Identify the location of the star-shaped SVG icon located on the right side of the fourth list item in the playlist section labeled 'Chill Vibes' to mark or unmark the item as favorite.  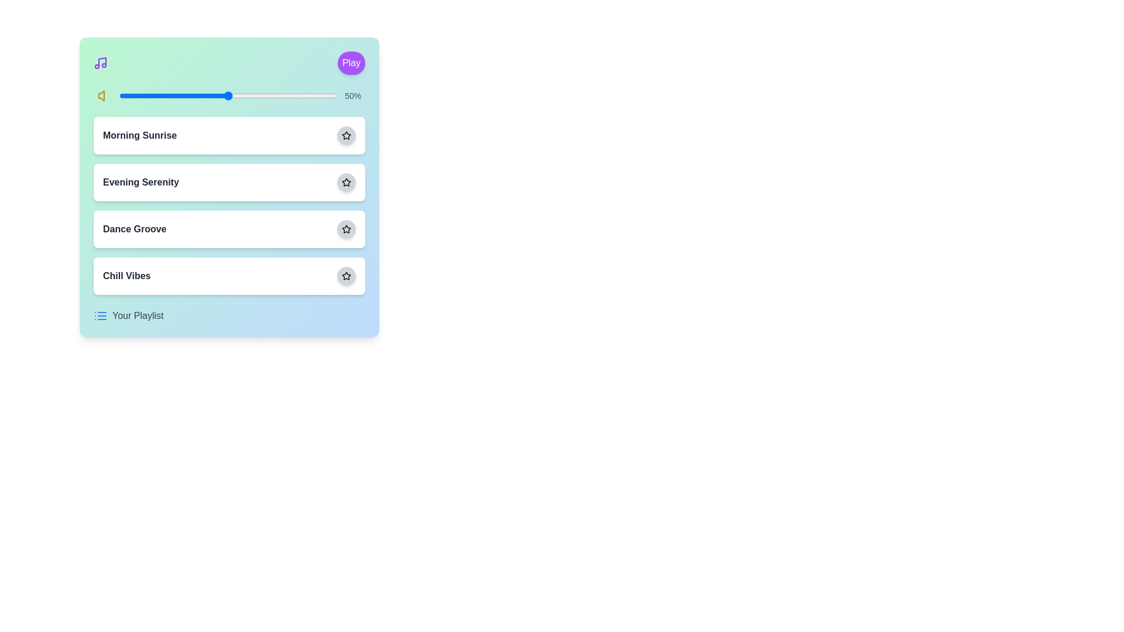
(345, 276).